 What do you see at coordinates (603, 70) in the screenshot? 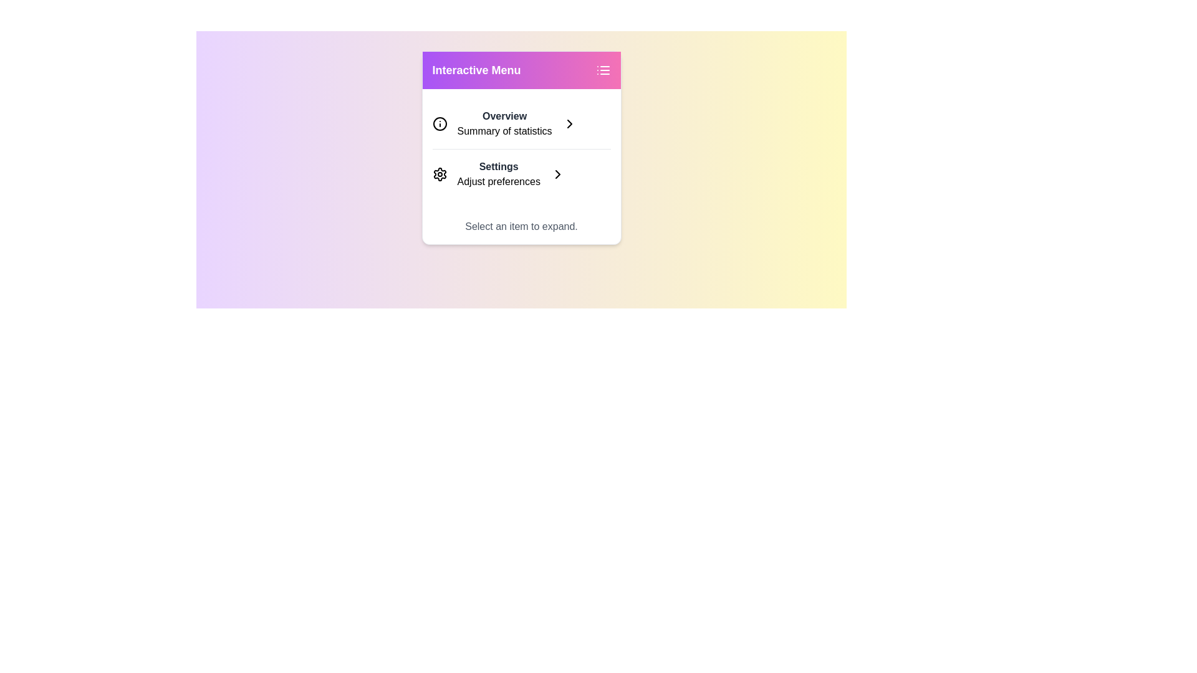
I see `button in the header to toggle the menu visibility` at bounding box center [603, 70].